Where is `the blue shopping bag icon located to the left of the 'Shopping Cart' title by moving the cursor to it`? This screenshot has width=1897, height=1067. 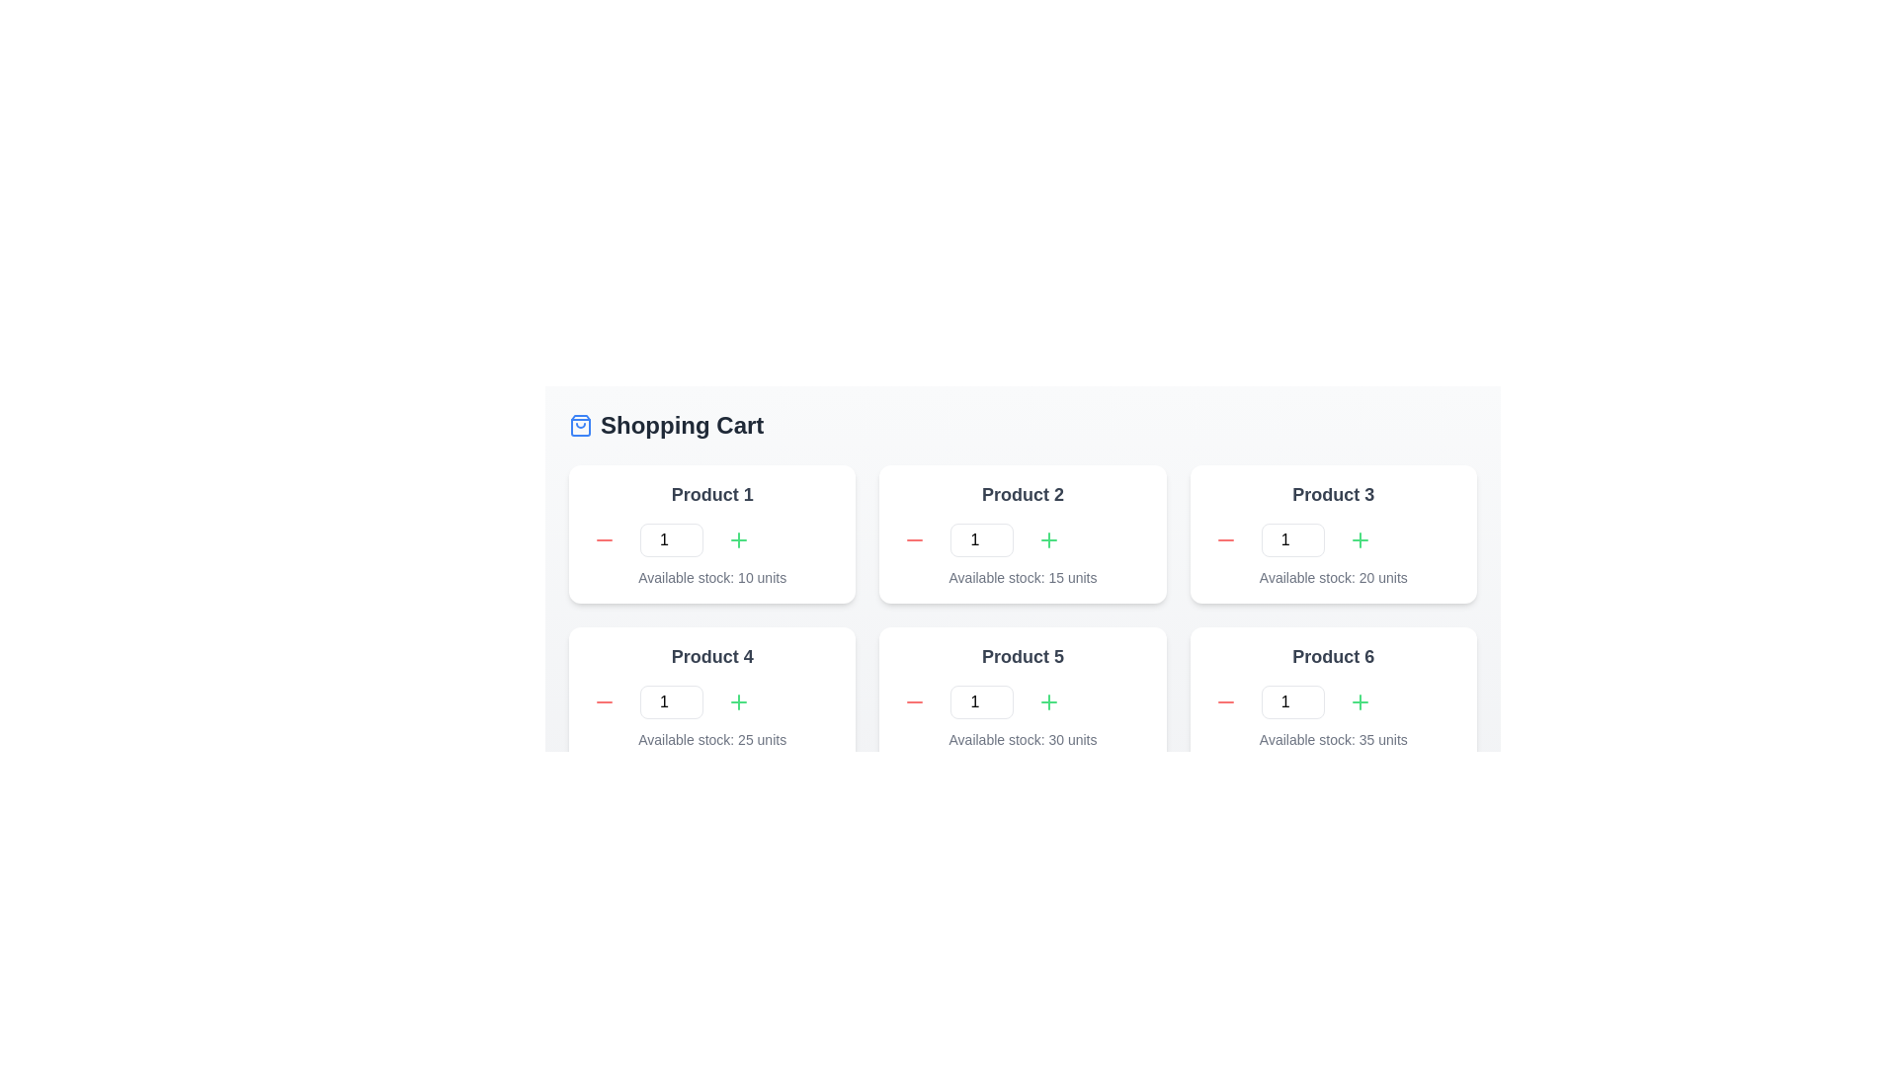
the blue shopping bag icon located to the left of the 'Shopping Cart' title by moving the cursor to it is located at coordinates (580, 425).